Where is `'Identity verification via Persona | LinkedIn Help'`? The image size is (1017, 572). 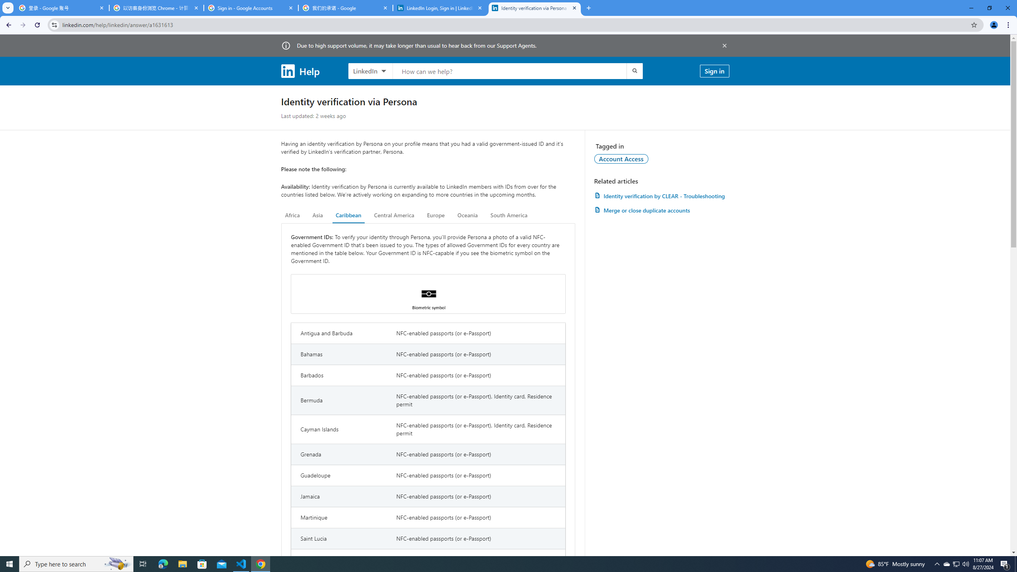 'Identity verification via Persona | LinkedIn Help' is located at coordinates (534, 8).